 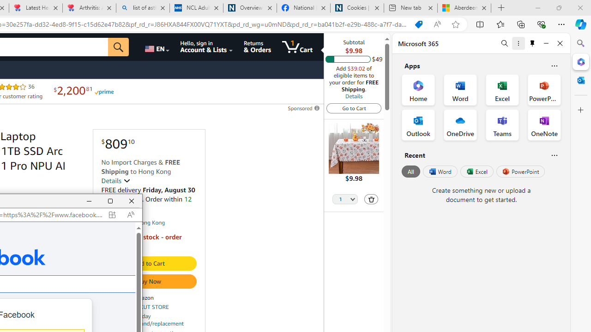 I want to click on 'NCL Adult Asthma Inhaler Choice Guideline', so click(x=195, y=8).